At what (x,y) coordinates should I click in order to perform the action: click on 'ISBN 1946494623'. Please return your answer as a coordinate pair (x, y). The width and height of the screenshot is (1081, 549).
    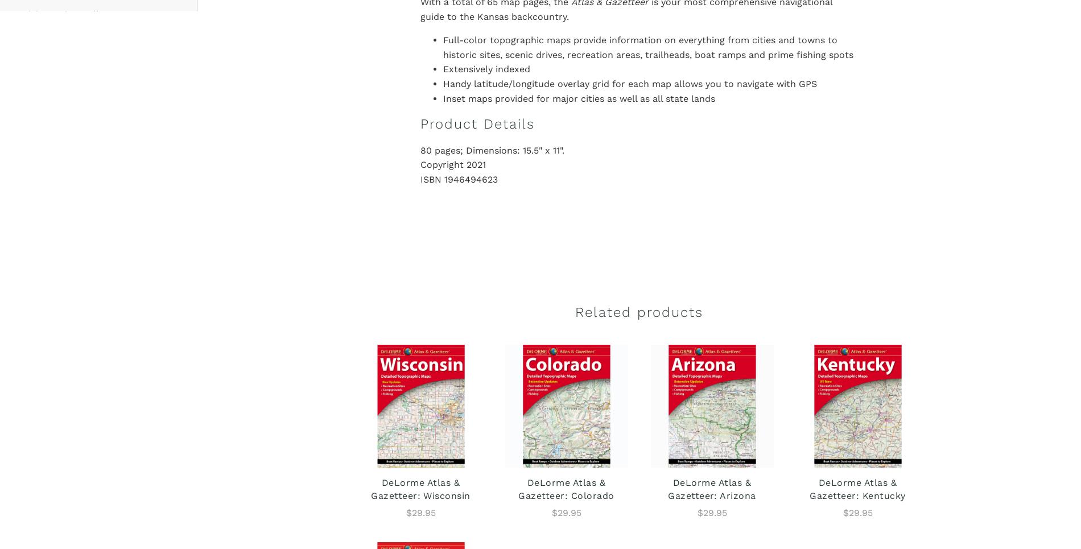
    Looking at the image, I should click on (457, 179).